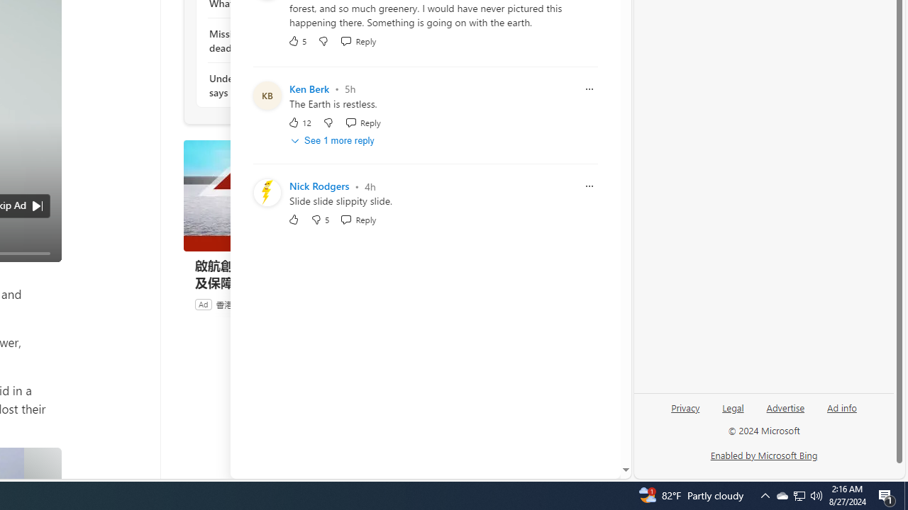 This screenshot has width=908, height=510. What do you see at coordinates (293, 220) in the screenshot?
I see `'Like'` at bounding box center [293, 220].